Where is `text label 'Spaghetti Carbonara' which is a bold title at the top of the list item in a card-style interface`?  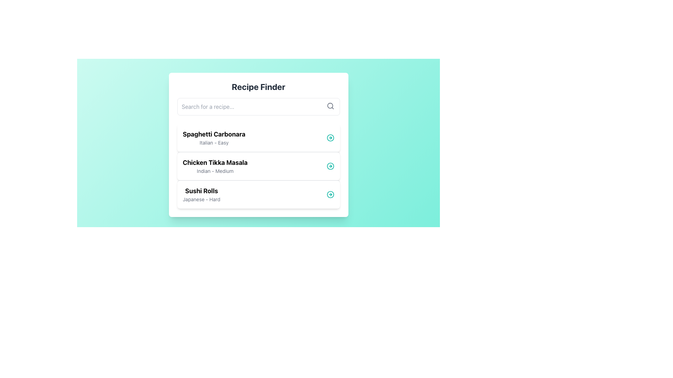
text label 'Spaghetti Carbonara' which is a bold title at the top of the list item in a card-style interface is located at coordinates (213, 134).